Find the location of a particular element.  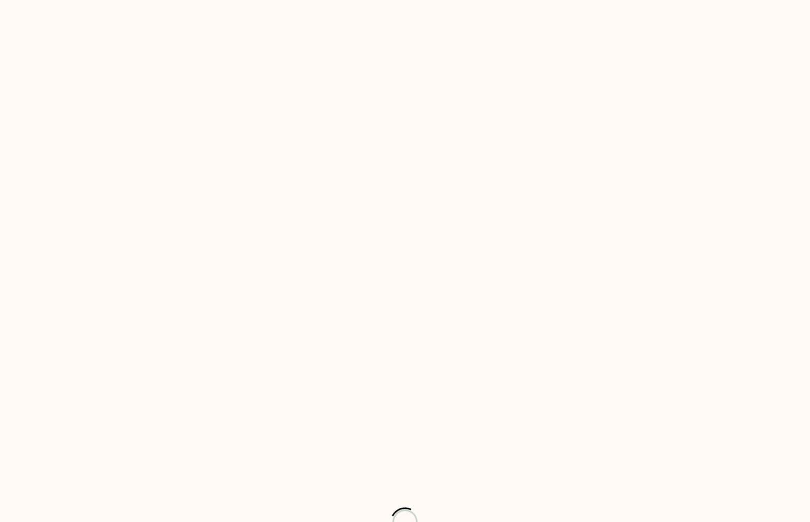

'Skin Services' is located at coordinates (367, 108).